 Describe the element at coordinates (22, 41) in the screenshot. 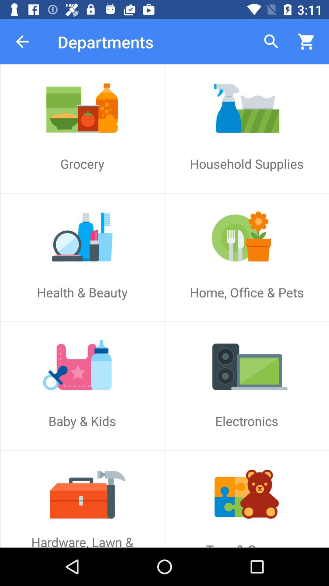

I see `item next to the departments app` at that location.